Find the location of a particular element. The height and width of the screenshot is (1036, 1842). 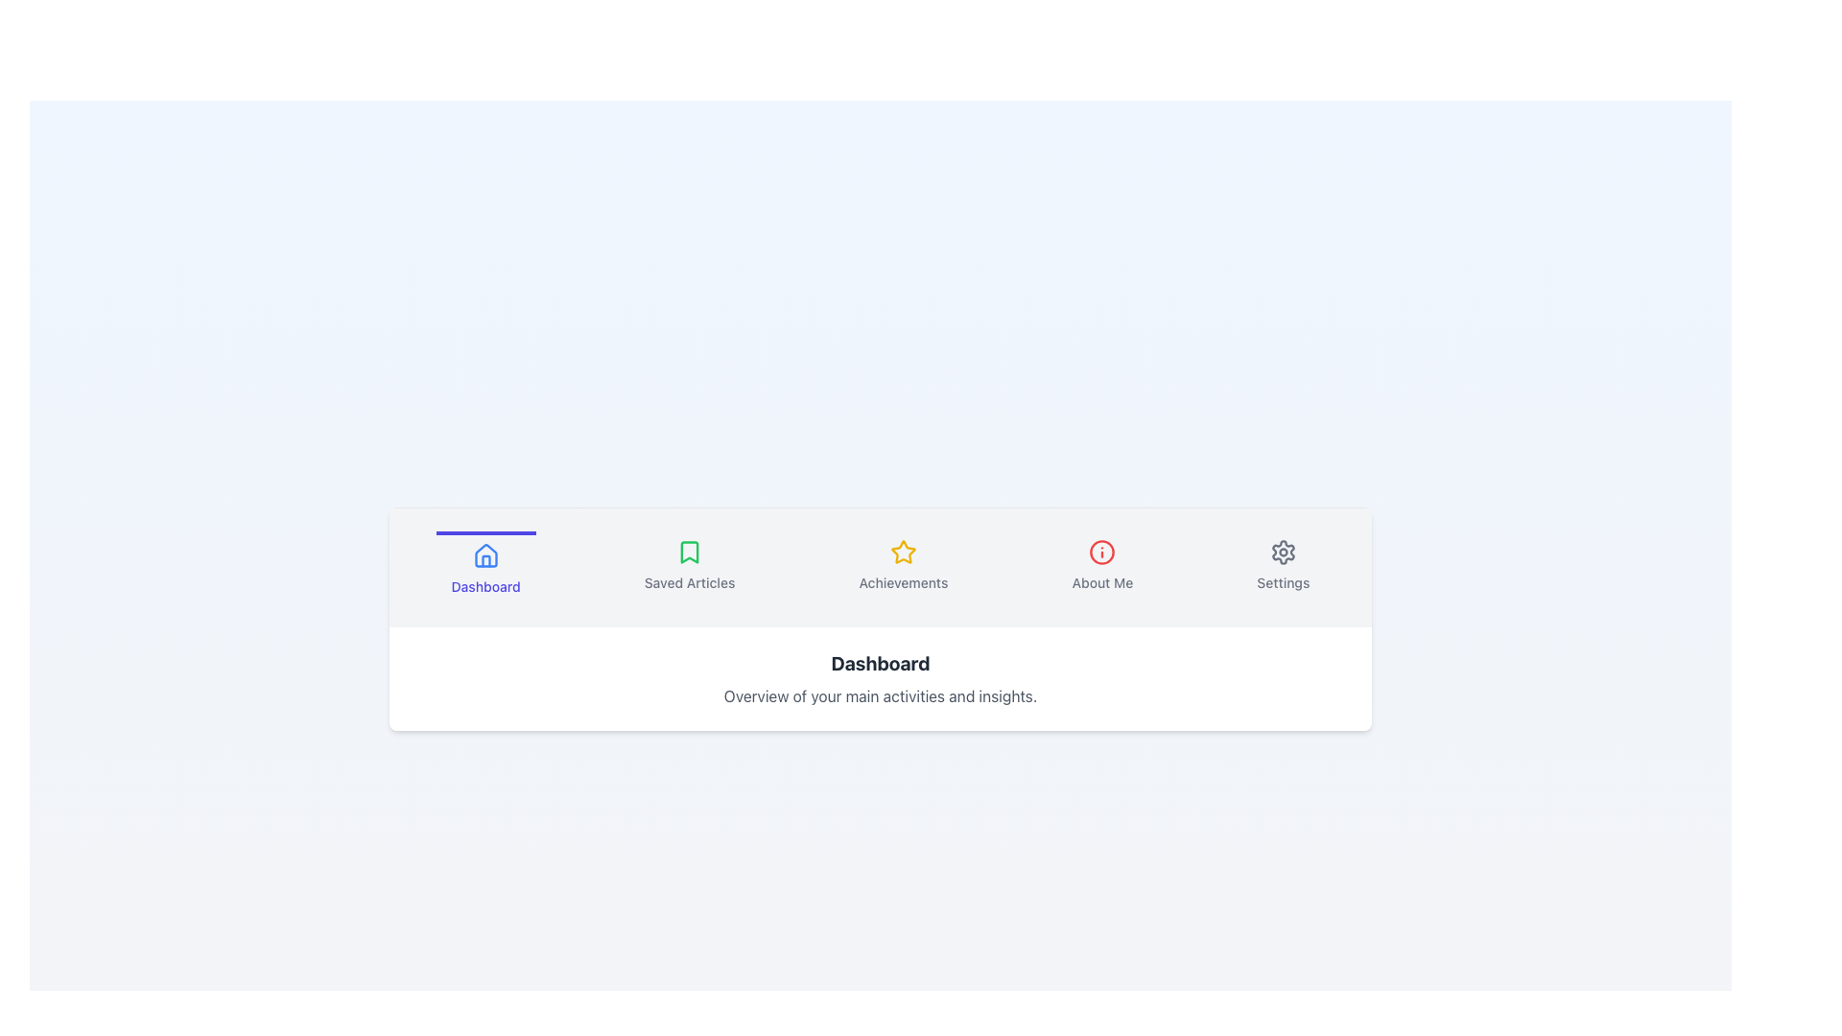

the central red outlined circular graphic with a white fill, located in the 'About Me' section of the navigation bar is located at coordinates (1102, 552).